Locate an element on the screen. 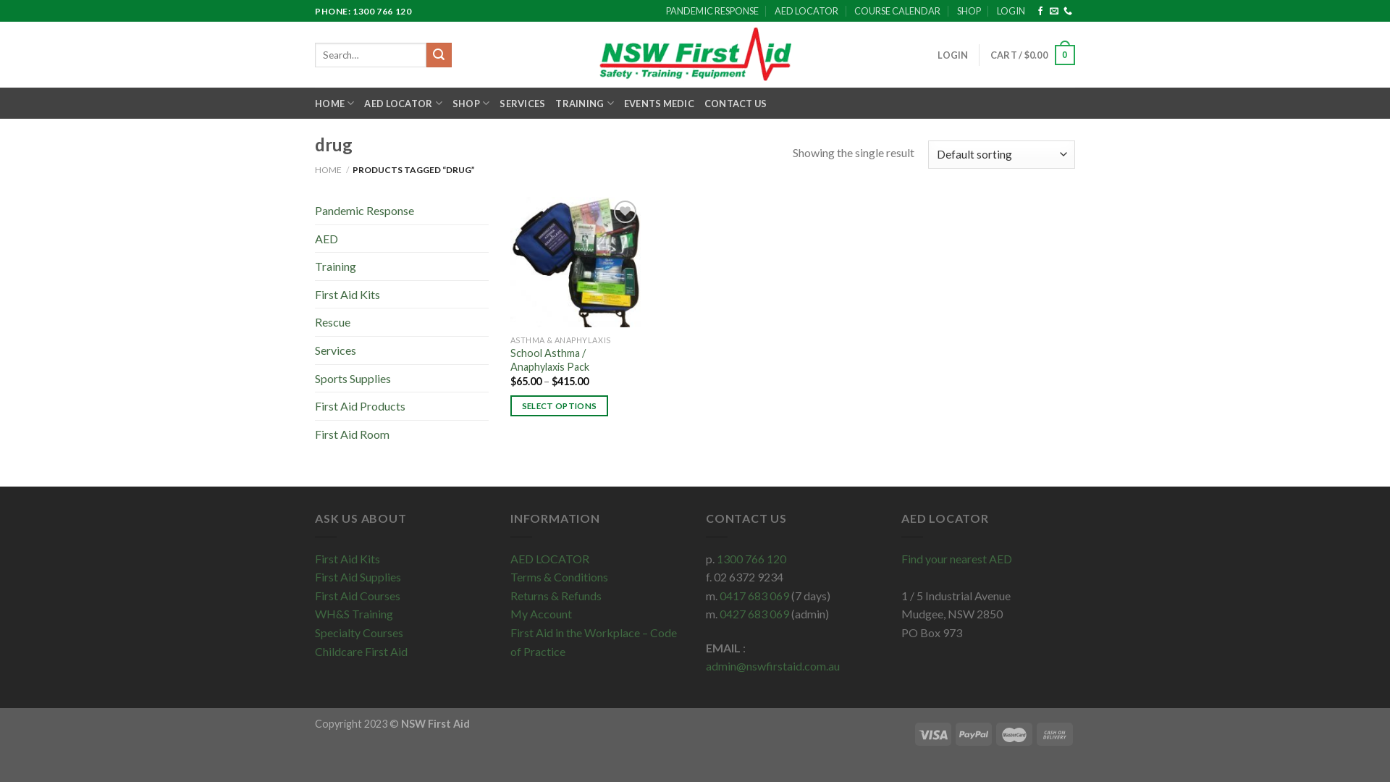 This screenshot has height=782, width=1390. '0417 683 069' is located at coordinates (753, 595).